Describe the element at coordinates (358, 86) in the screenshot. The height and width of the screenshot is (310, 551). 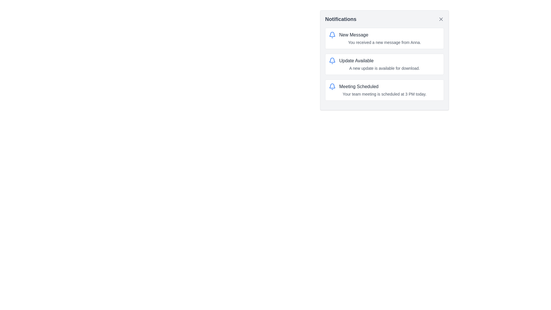
I see `the text label that serves as the heading for the scheduled meeting notification, which is the third item in the list of notification entries` at that location.